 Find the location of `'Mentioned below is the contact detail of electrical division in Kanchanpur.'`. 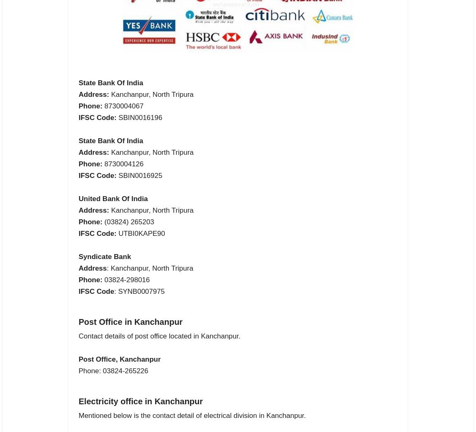

'Mentioned below is the contact detail of electrical division in Kanchanpur.' is located at coordinates (192, 415).